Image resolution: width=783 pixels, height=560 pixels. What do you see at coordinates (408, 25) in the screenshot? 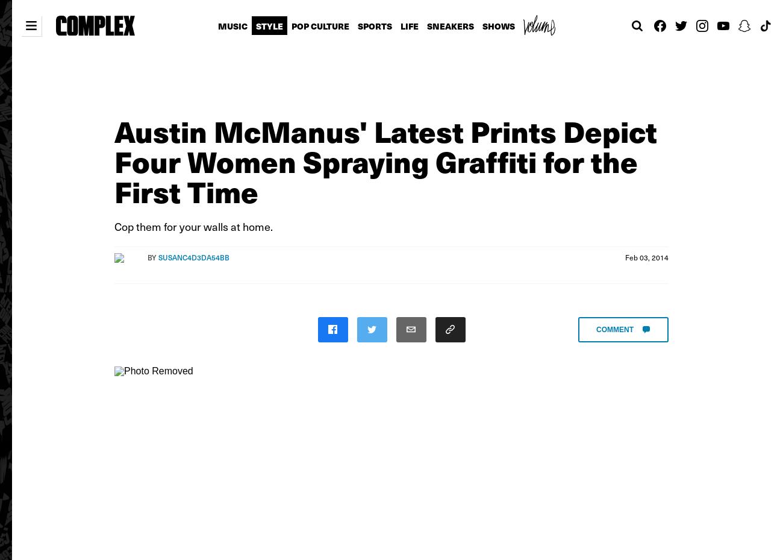
I see `'life'` at bounding box center [408, 25].